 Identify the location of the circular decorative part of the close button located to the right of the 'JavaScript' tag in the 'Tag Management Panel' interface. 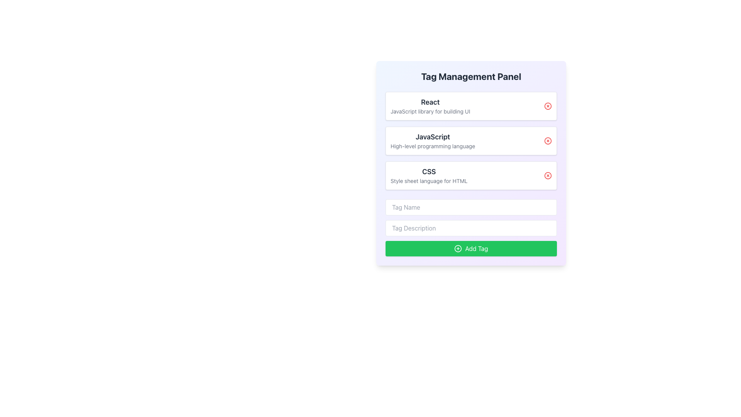
(548, 141).